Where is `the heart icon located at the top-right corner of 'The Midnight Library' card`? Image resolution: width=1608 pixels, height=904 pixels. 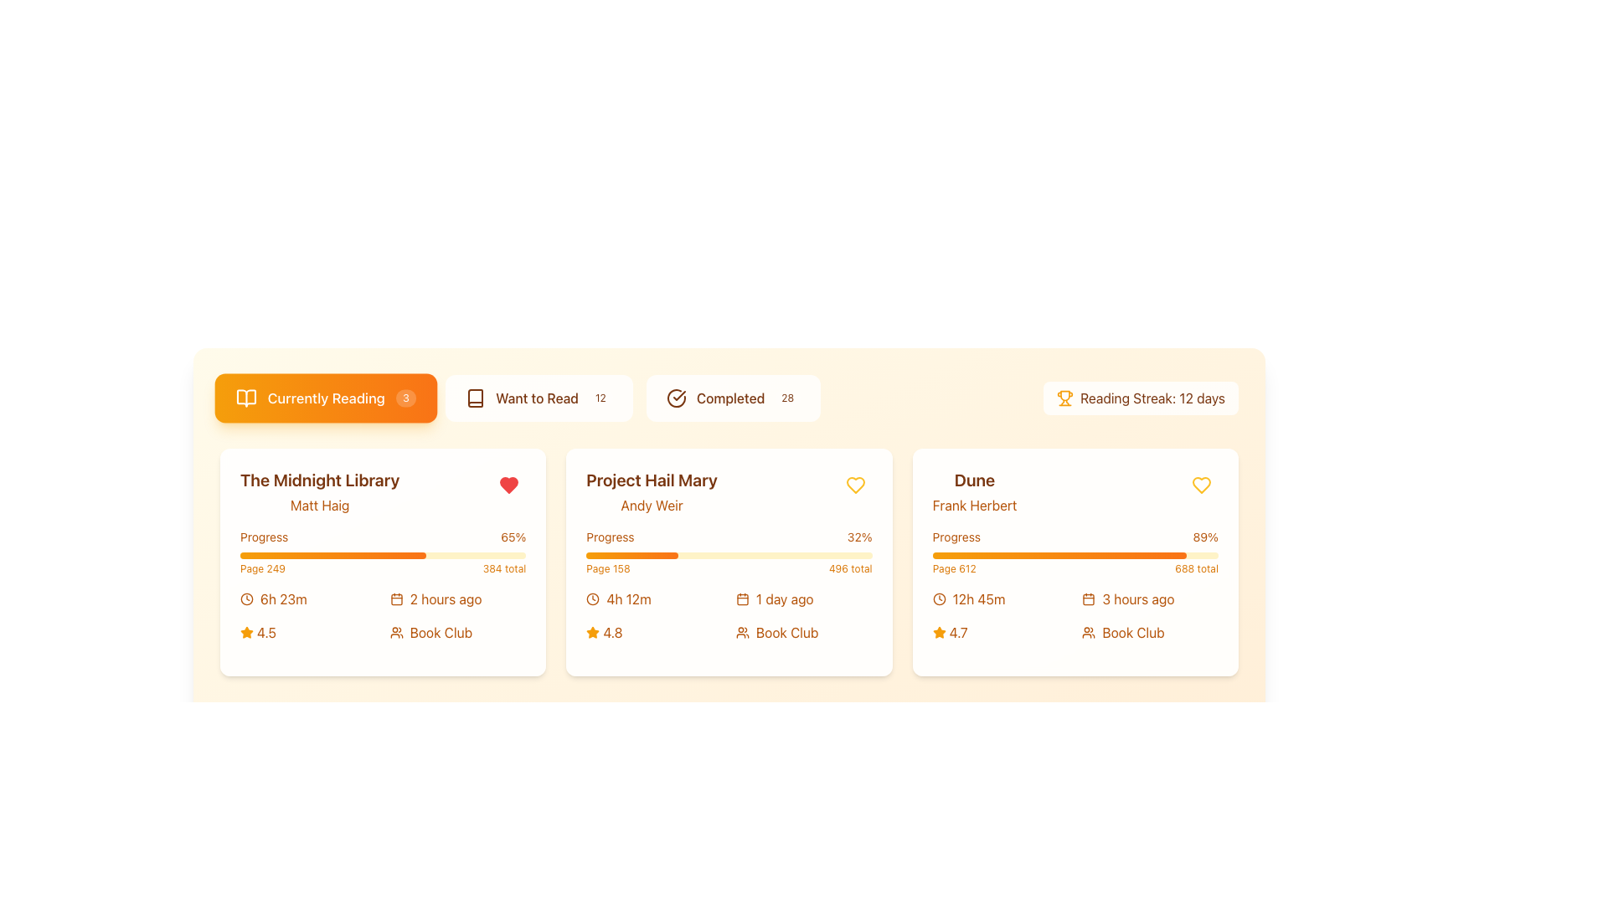
the heart icon located at the top-right corner of 'The Midnight Library' card is located at coordinates (855, 485).